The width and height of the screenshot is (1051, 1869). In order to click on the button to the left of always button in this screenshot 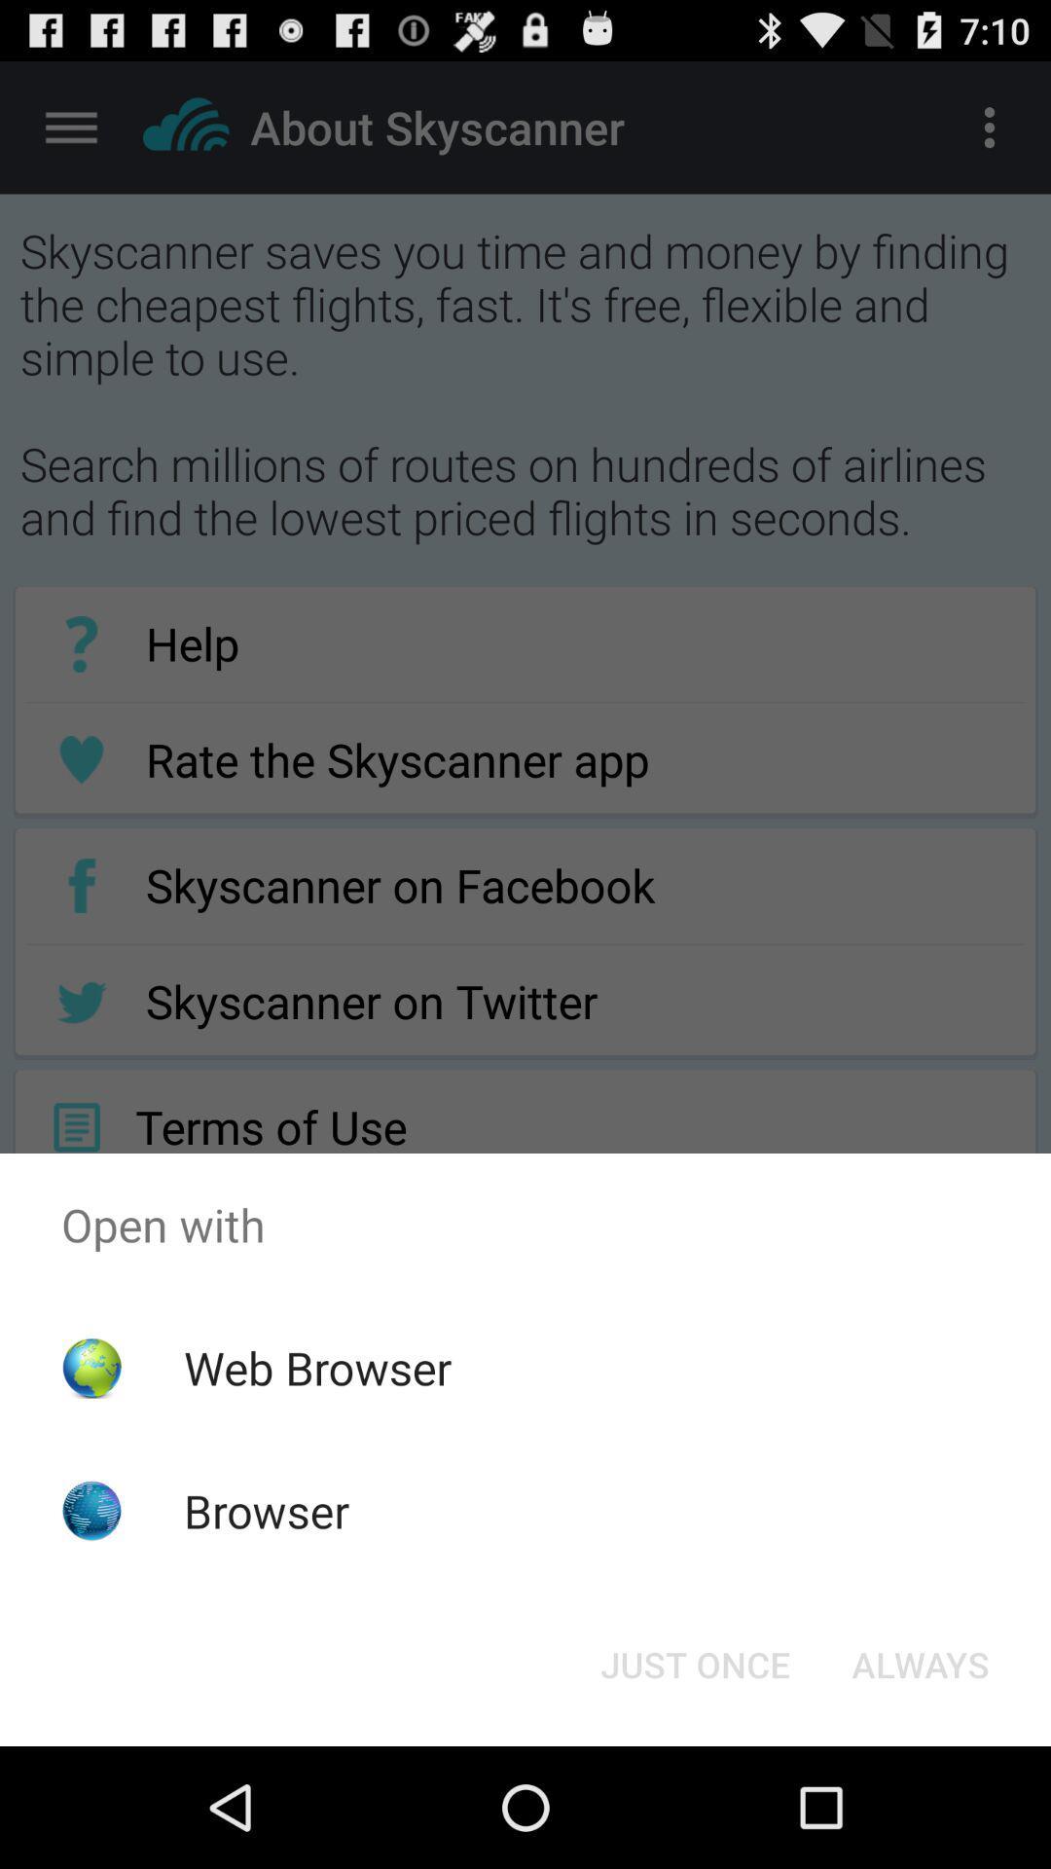, I will do `click(694, 1663)`.